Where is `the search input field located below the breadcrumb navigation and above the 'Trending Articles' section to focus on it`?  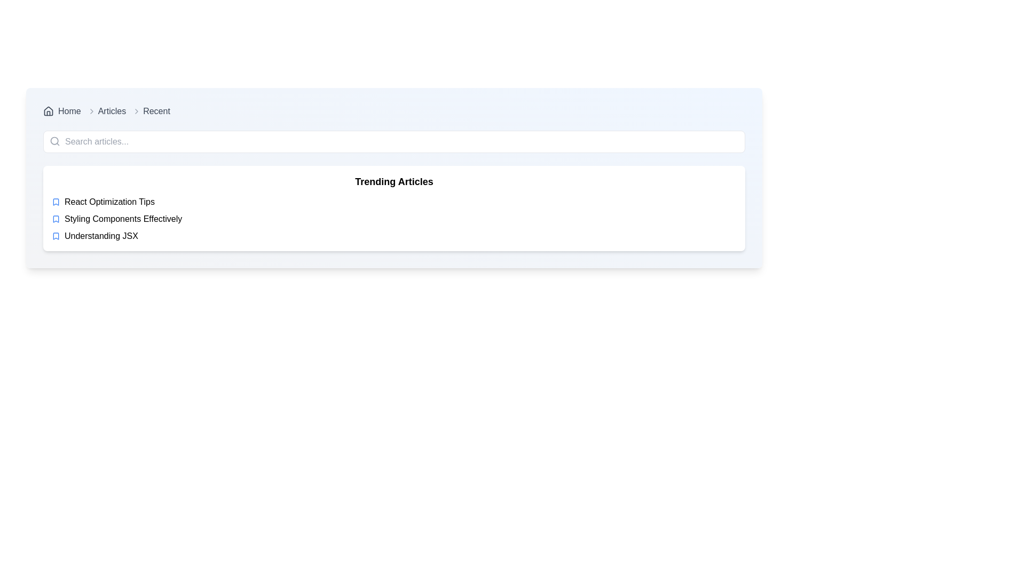 the search input field located below the breadcrumb navigation and above the 'Trending Articles' section to focus on it is located at coordinates (393, 141).